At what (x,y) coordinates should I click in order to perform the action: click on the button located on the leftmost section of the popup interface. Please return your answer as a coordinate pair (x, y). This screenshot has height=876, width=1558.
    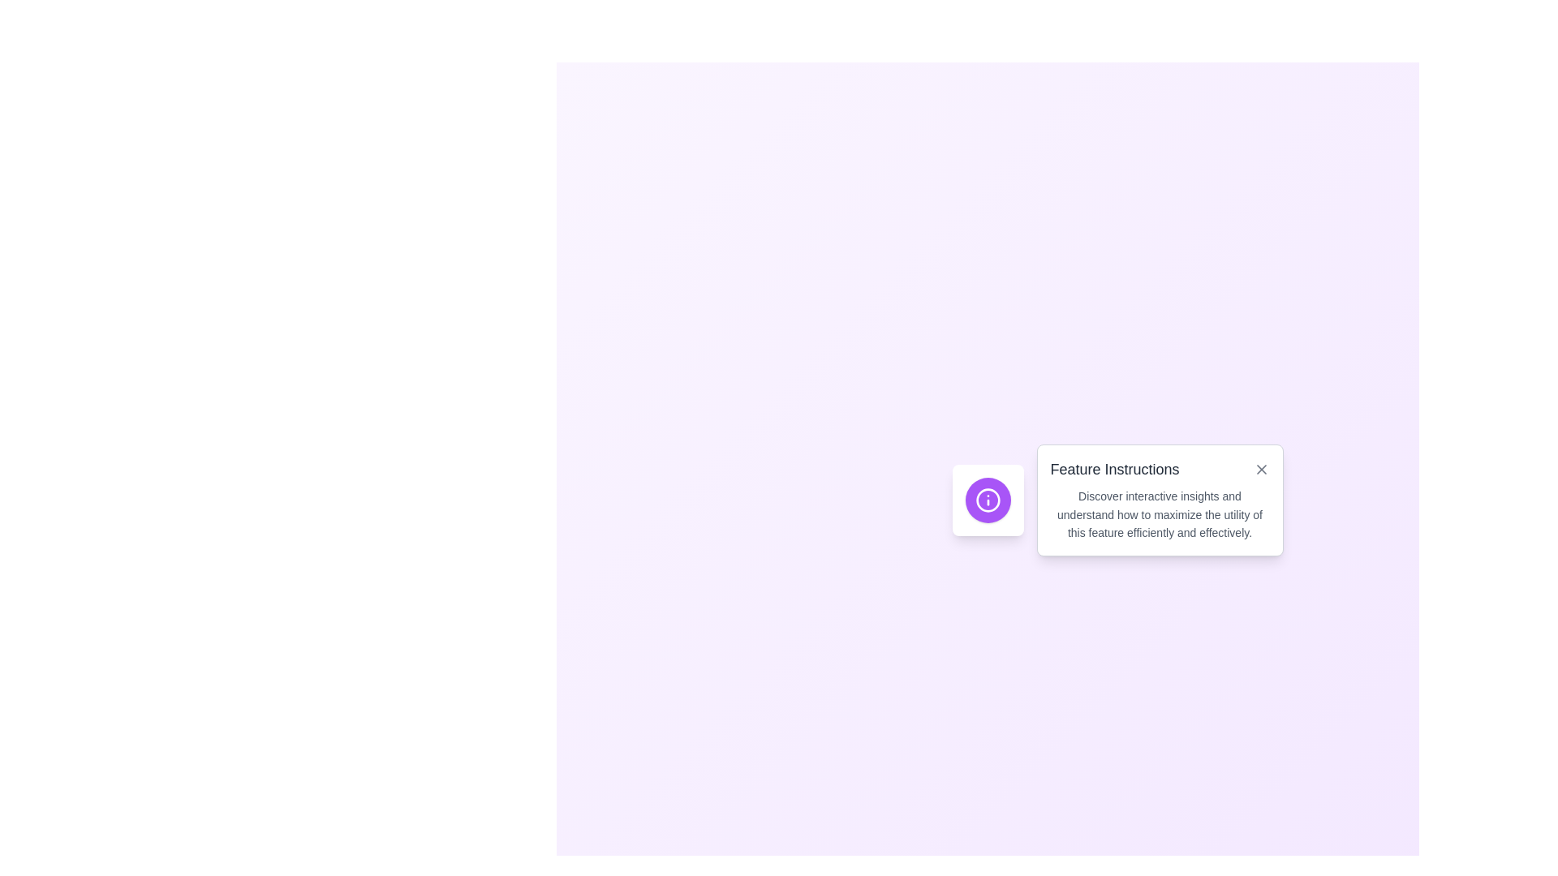
    Looking at the image, I should click on (987, 500).